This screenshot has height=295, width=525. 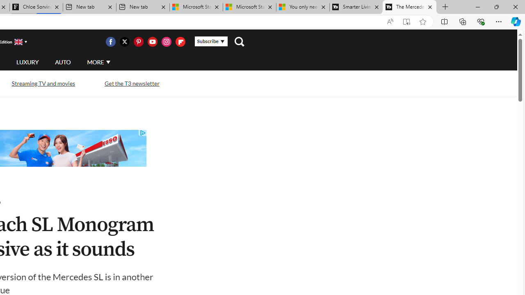 What do you see at coordinates (110, 41) in the screenshot?
I see `'Visit us on Facebook'` at bounding box center [110, 41].